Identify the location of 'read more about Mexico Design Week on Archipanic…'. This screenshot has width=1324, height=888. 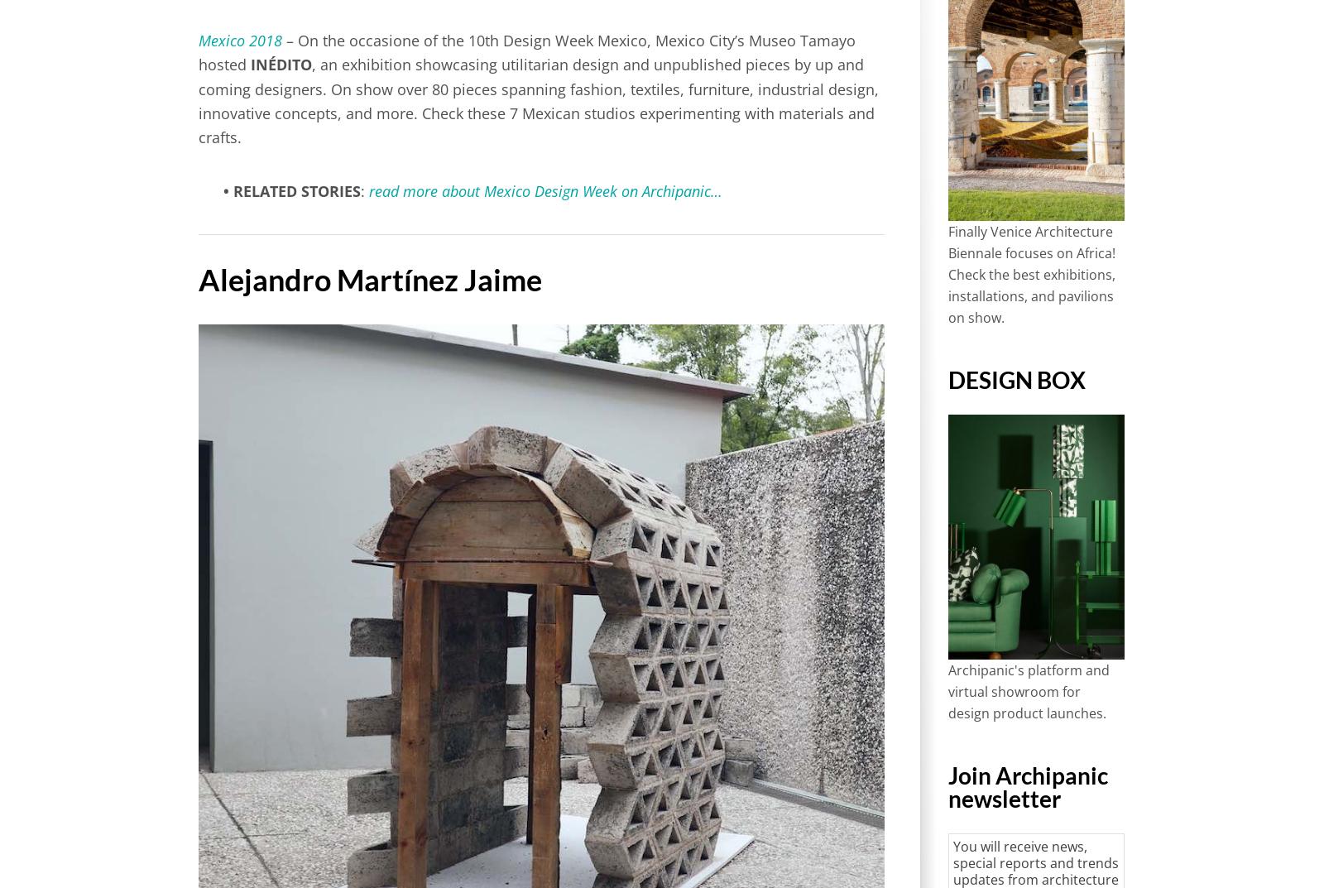
(545, 191).